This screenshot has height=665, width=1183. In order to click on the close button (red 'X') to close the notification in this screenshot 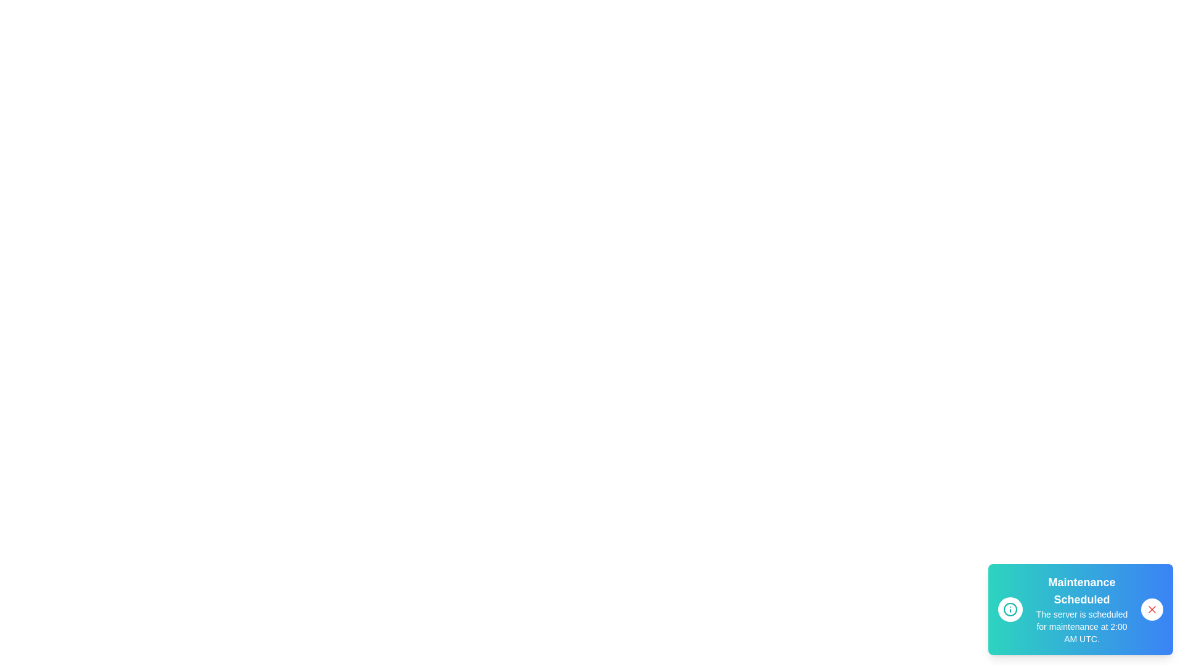, I will do `click(1152, 610)`.